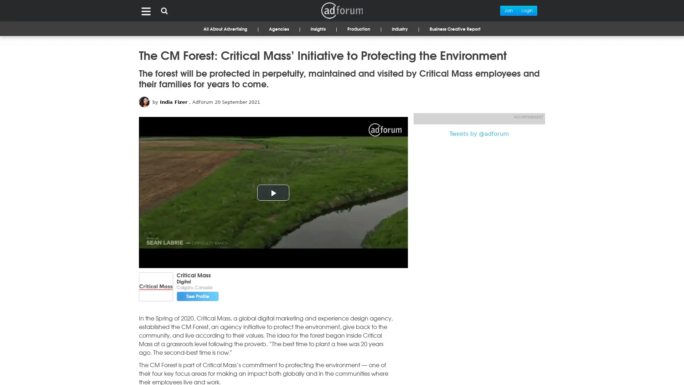  I want to click on Join, so click(508, 11).